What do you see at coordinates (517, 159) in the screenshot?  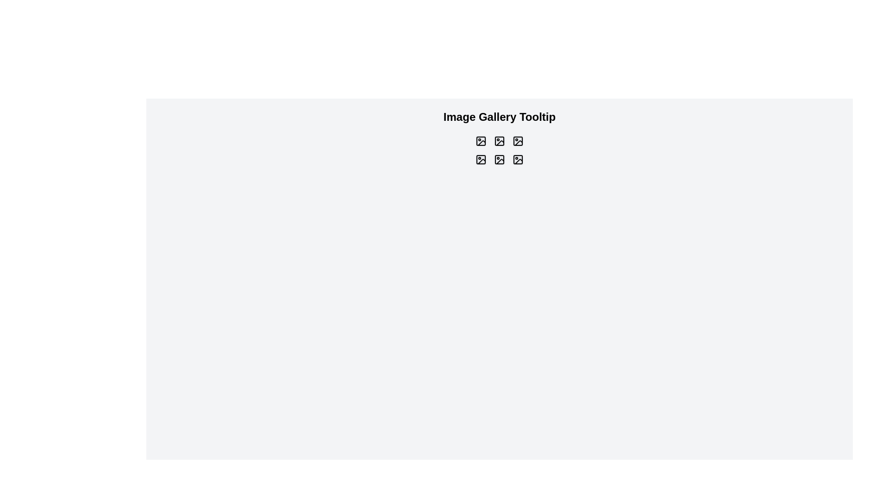 I see `the small rectangle with rounded corners that represents the image icon in the bottom-right grid of icons` at bounding box center [517, 159].